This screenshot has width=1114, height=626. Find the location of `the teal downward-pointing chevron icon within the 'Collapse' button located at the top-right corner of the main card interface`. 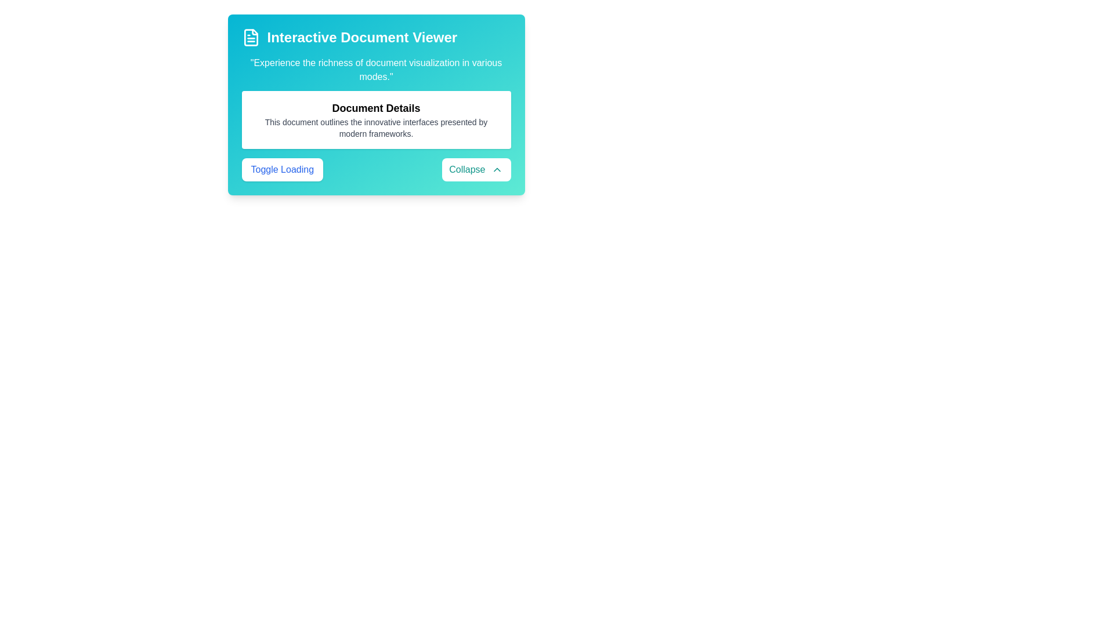

the teal downward-pointing chevron icon within the 'Collapse' button located at the top-right corner of the main card interface is located at coordinates (497, 170).